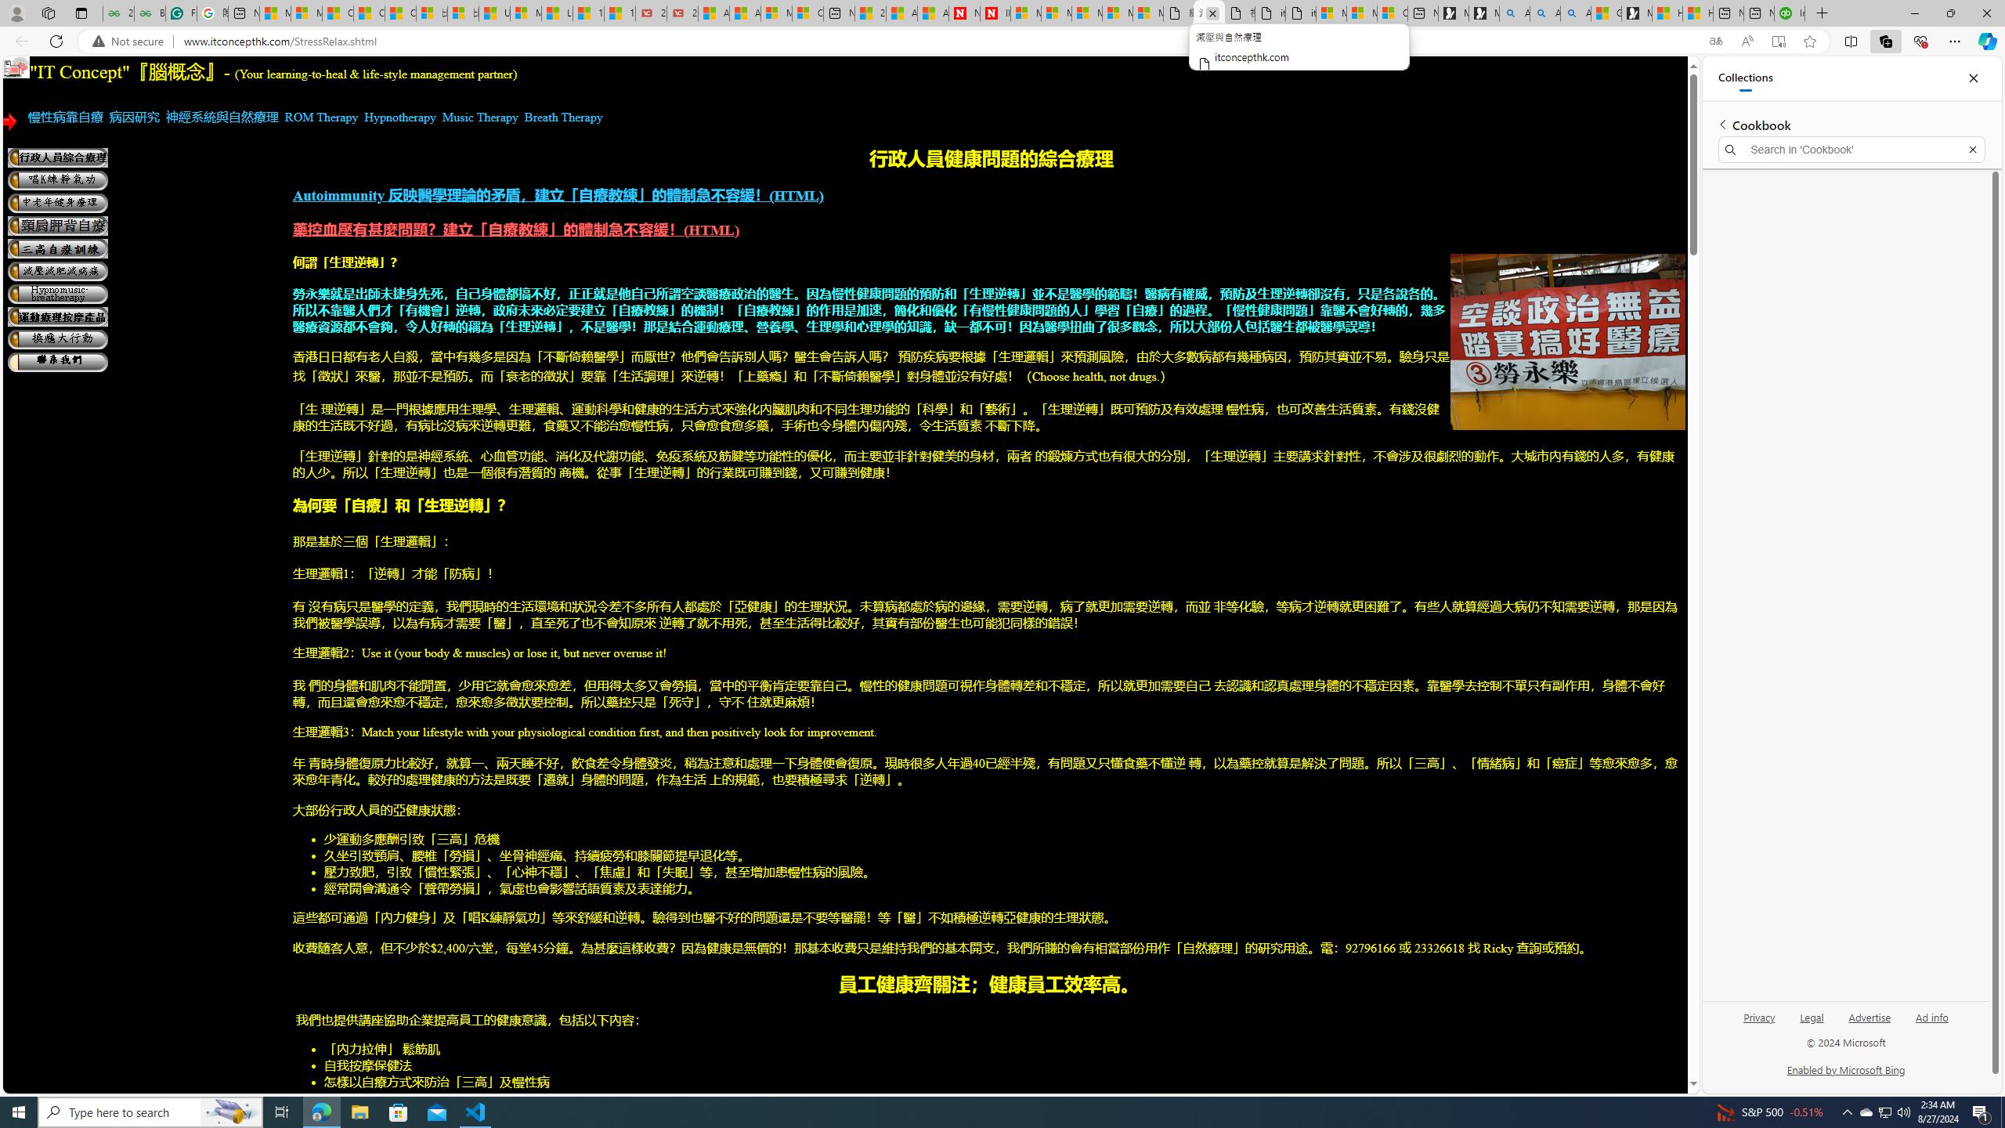  I want to click on 'Intuit QuickBooks Online - Quickbooks', so click(1790, 13).